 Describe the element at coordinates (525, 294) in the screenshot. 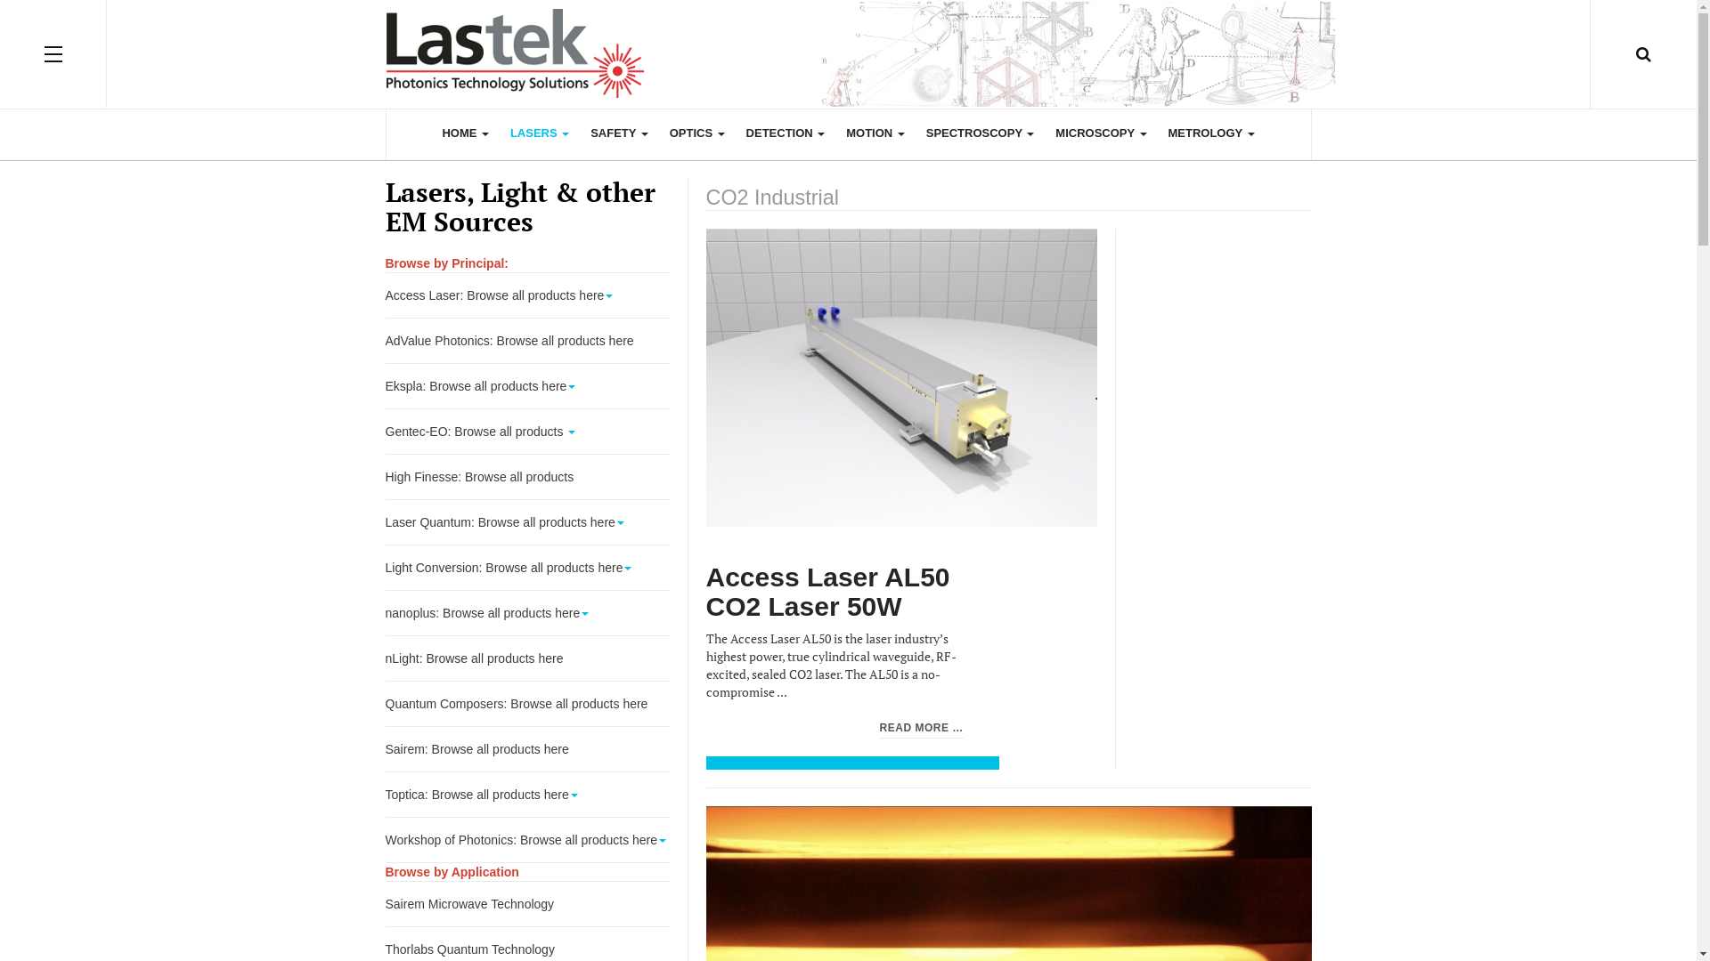

I see `'Access Laser: Browse all products here'` at that location.